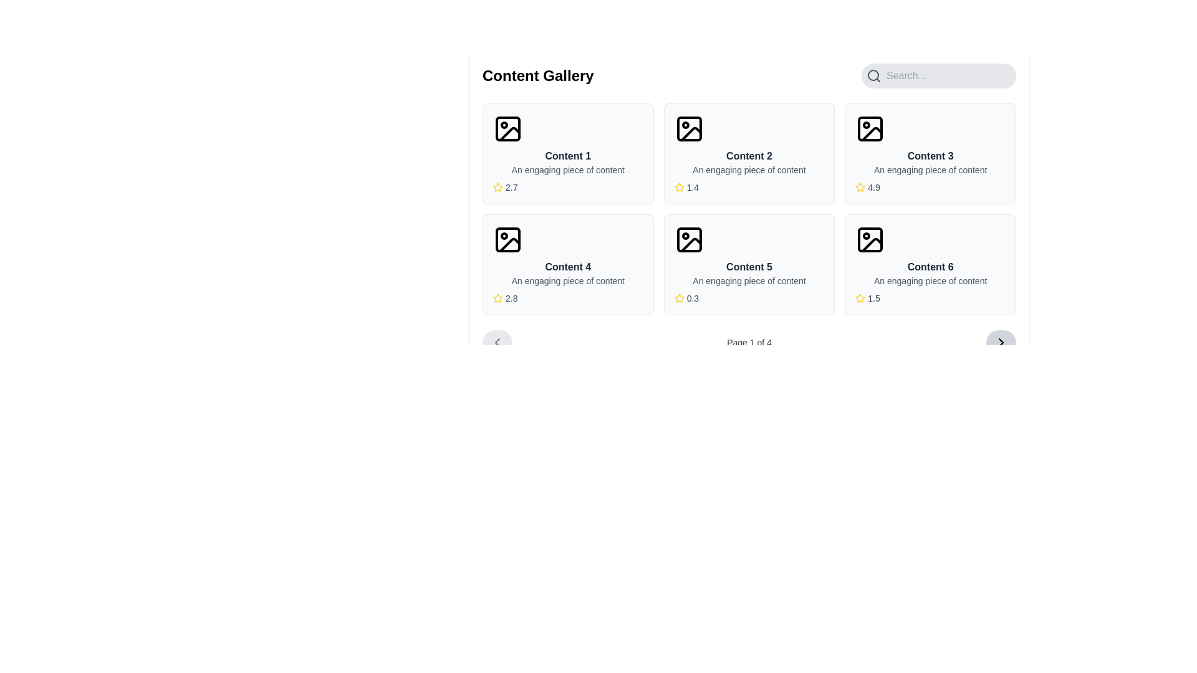 The height and width of the screenshot is (673, 1197). Describe the element at coordinates (870, 240) in the screenshot. I see `the image icon located in the bottom-right corner of the 'Content 6' card, which features a rounded square outline with a circle and mountain graphic` at that location.